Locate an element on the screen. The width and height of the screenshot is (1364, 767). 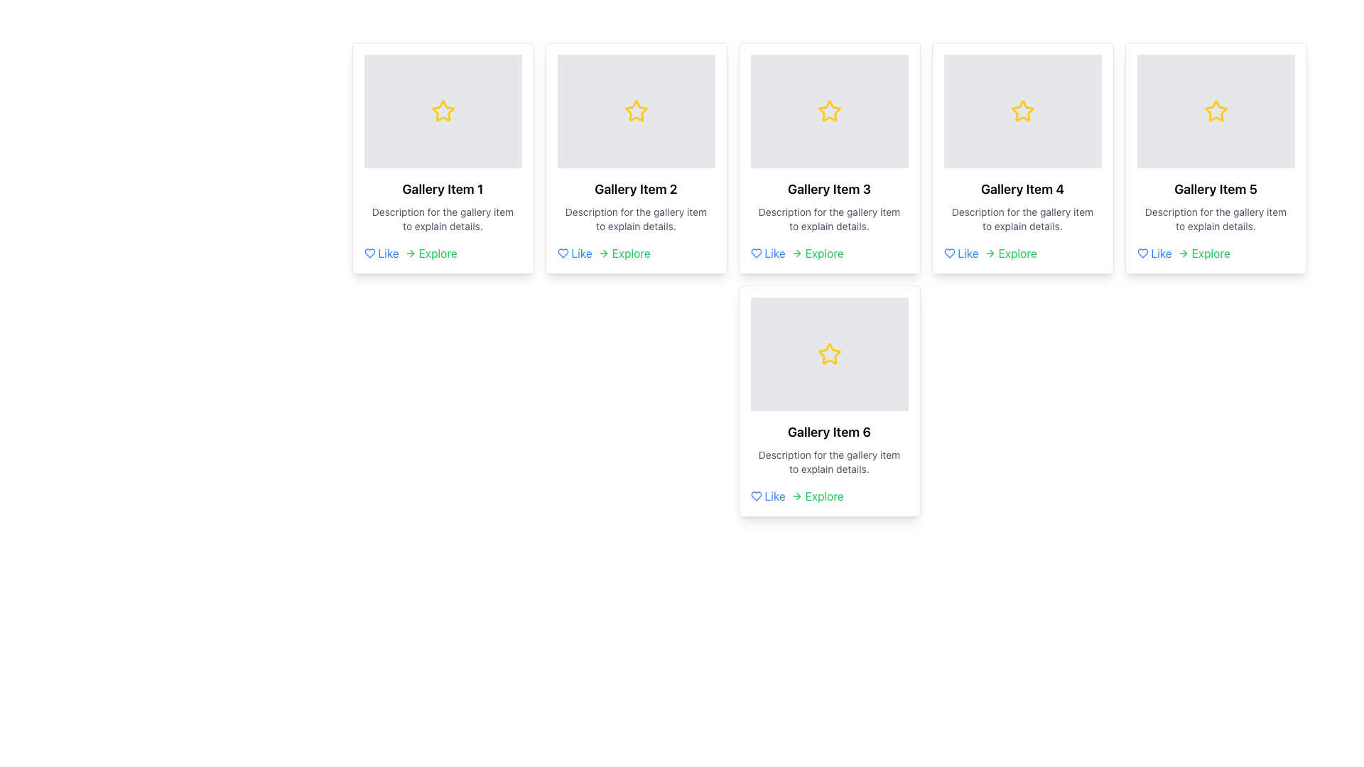
the star icon with a yellow outline and hollow center in the upper section of the 'Gallery Item 1' card to indicate rating or selection is located at coordinates (442, 111).